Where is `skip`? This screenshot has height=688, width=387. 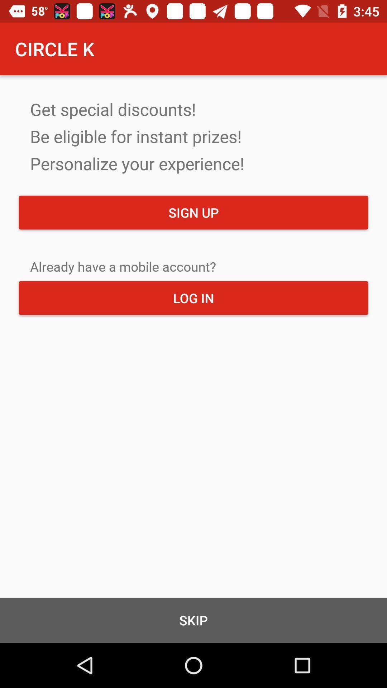
skip is located at coordinates (193, 620).